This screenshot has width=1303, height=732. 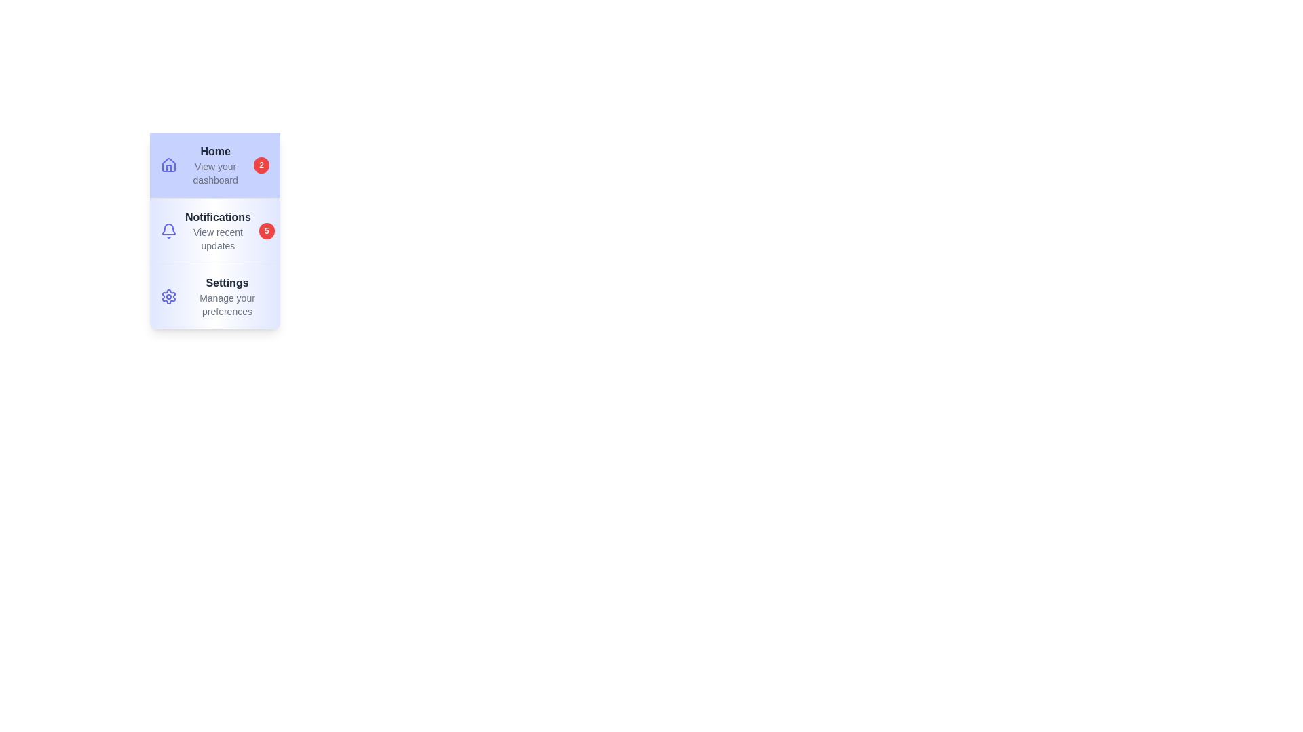 What do you see at coordinates (214, 295) in the screenshot?
I see `the menu item labeled Settings` at bounding box center [214, 295].